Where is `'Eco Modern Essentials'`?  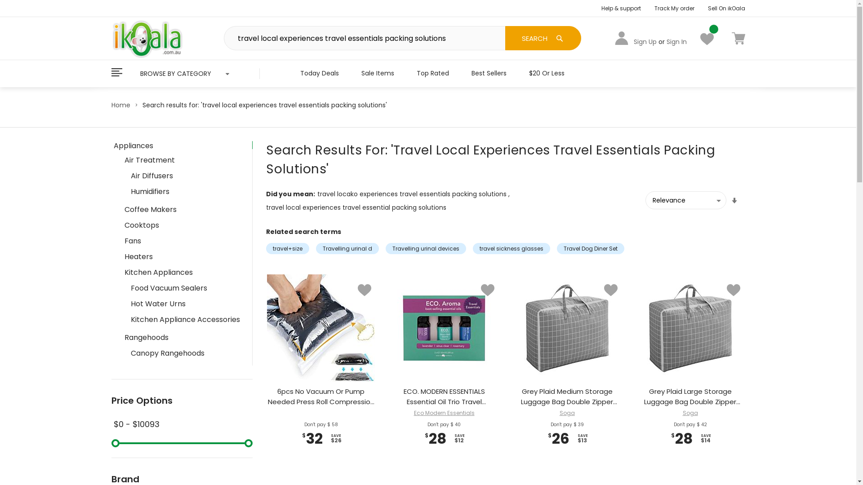 'Eco Modern Essentials' is located at coordinates (414, 413).